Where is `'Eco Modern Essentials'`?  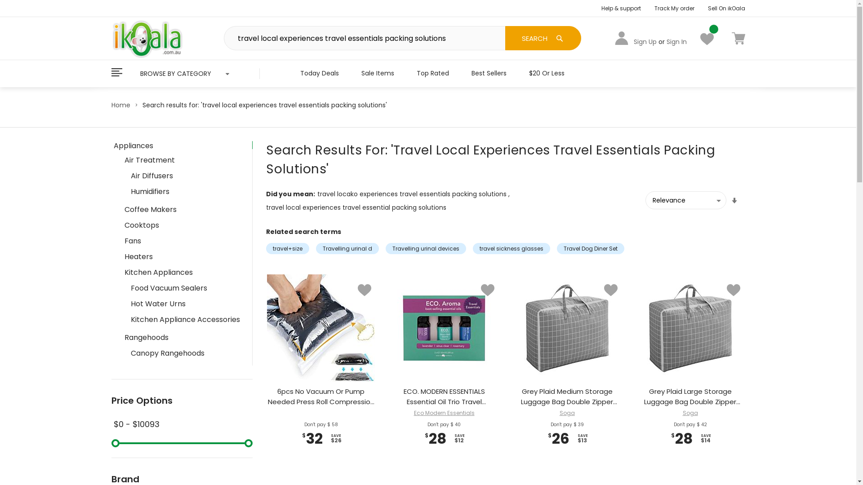 'Eco Modern Essentials' is located at coordinates (414, 413).